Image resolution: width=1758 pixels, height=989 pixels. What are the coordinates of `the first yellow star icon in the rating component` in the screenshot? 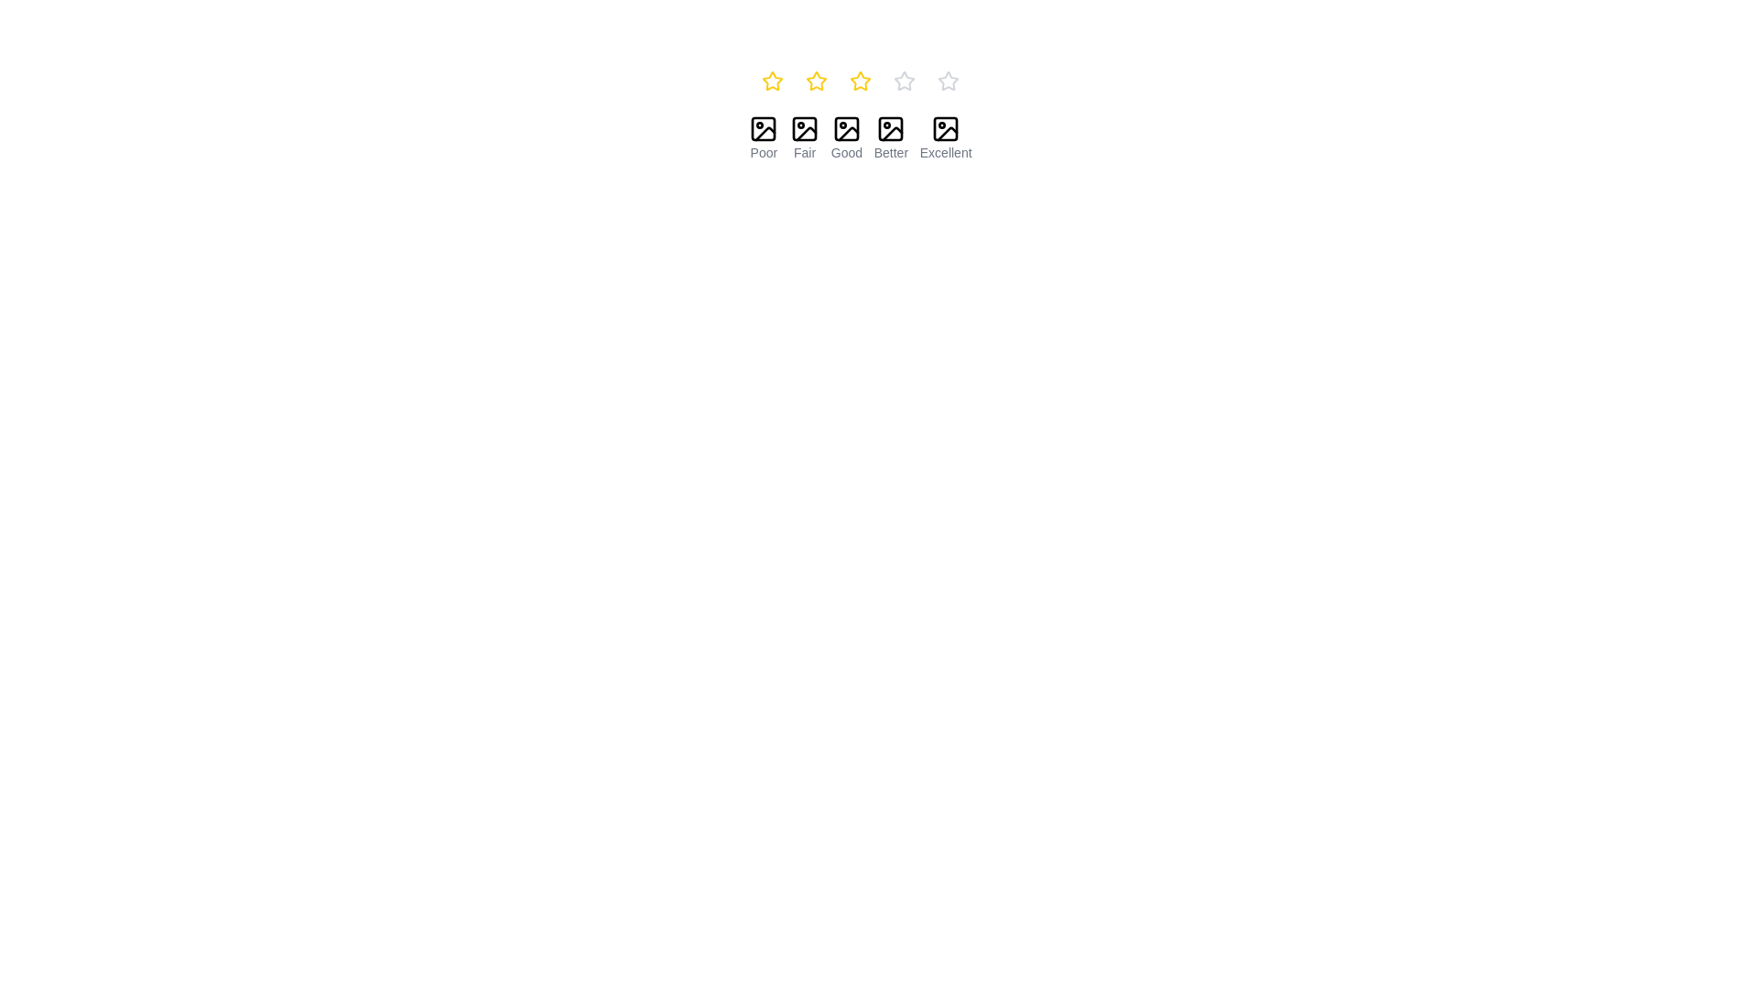 It's located at (773, 80).